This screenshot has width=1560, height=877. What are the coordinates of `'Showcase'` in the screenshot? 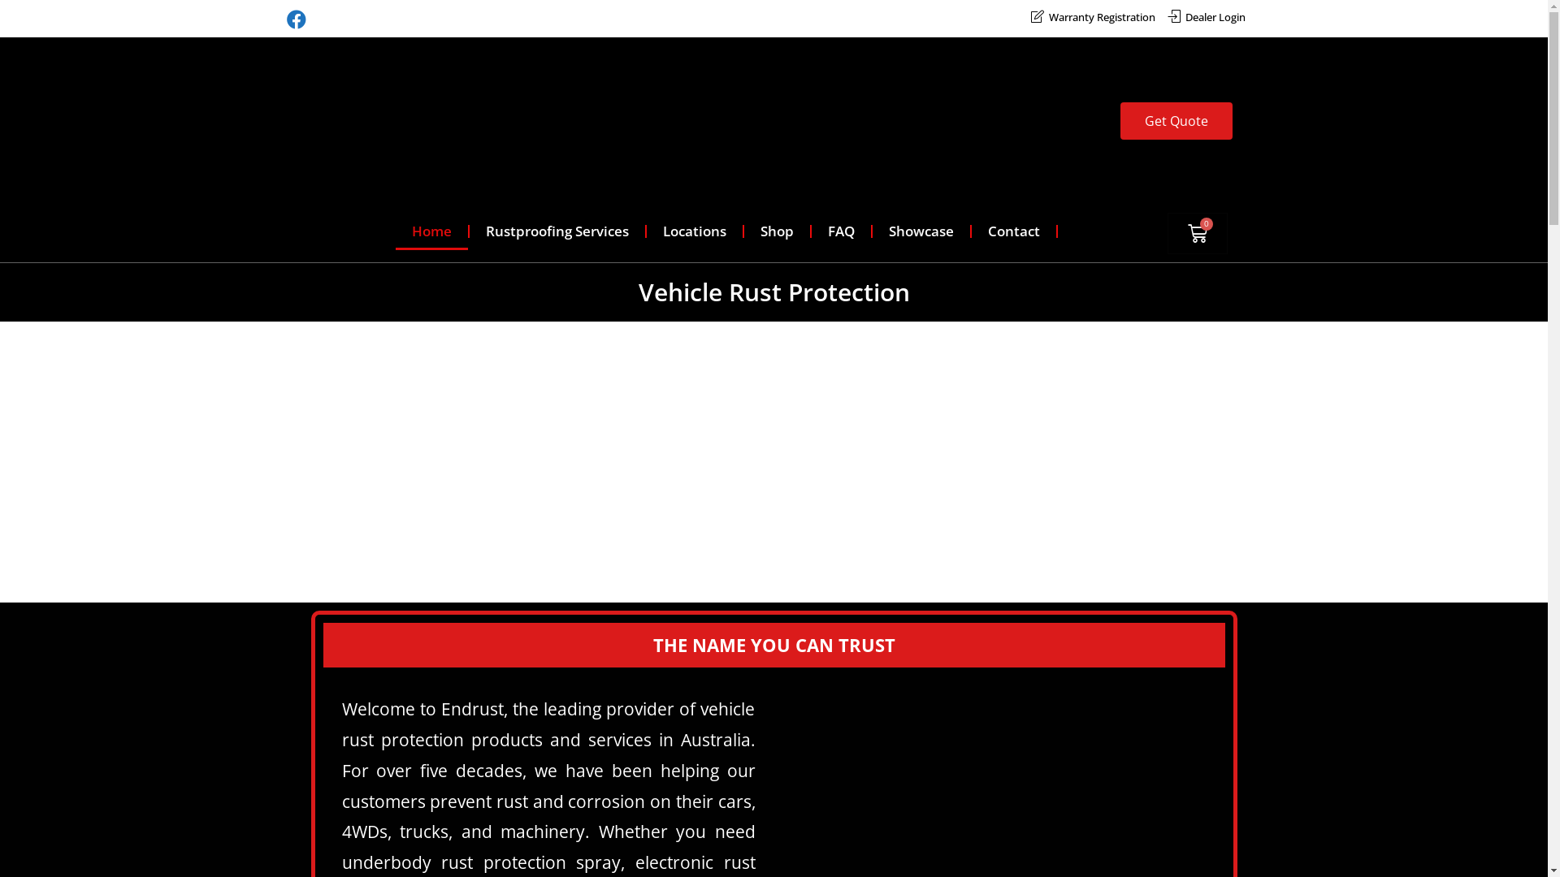 It's located at (921, 231).